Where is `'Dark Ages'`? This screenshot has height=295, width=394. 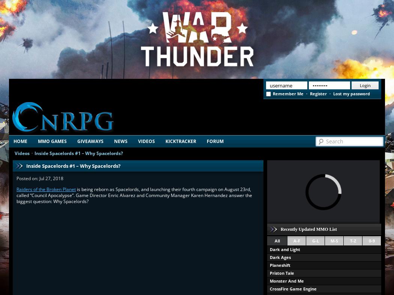 'Dark Ages' is located at coordinates (280, 257).